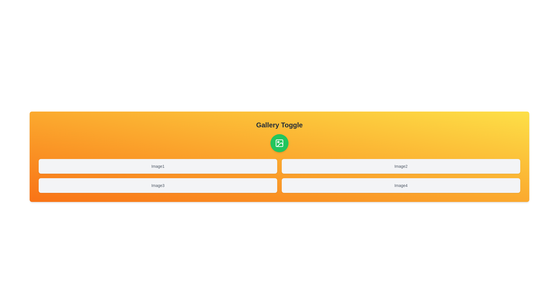 This screenshot has height=305, width=542. What do you see at coordinates (279, 143) in the screenshot?
I see `button with the image icon to toggle the gallery display` at bounding box center [279, 143].